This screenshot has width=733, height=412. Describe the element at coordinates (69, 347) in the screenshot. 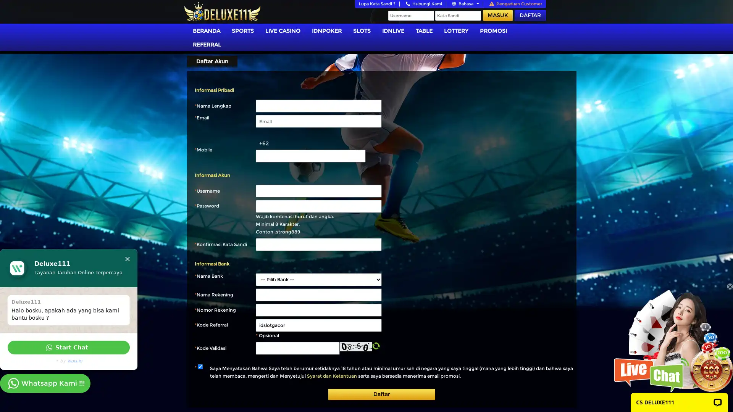

I see `Start Chat` at that location.